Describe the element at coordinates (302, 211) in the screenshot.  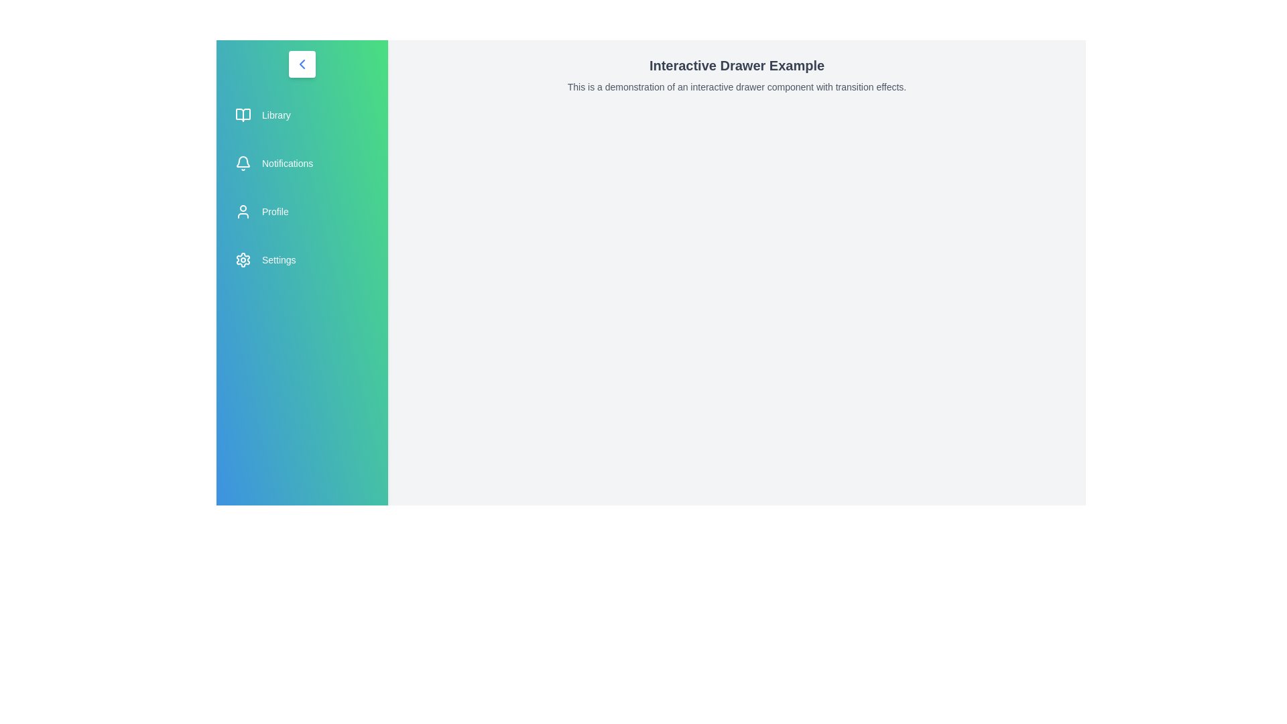
I see `the menu item labeled 'Profile' to navigate or trigger its associated action` at that location.